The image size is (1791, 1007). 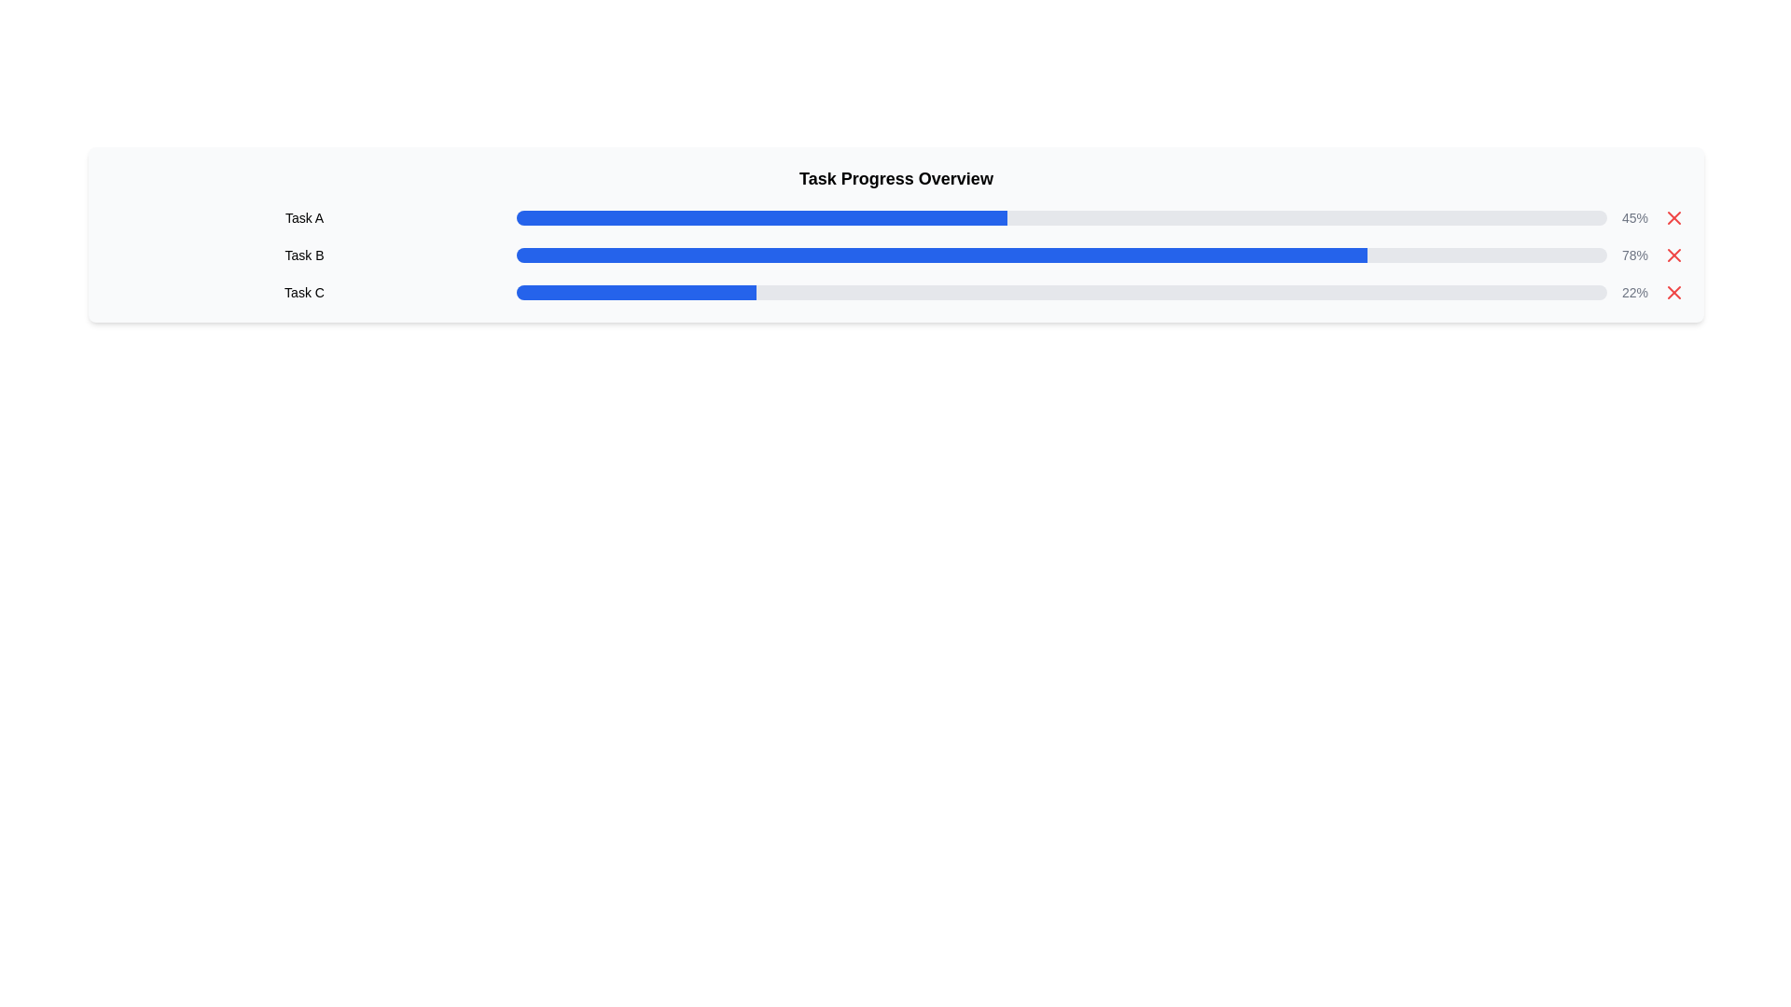 I want to click on the small red 'X' icon located at the rightmost side of the row representing 'Task B', so click(x=1674, y=255).